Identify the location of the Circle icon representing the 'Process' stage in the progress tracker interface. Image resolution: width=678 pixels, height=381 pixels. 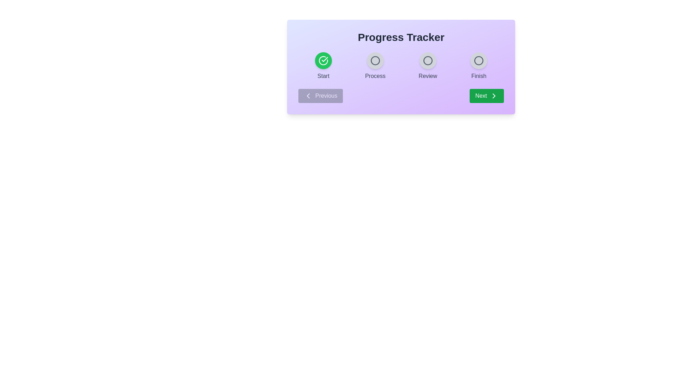
(375, 60).